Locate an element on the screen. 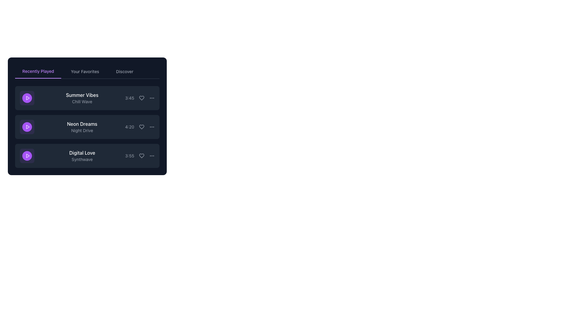  the triangular play icon button with a white outline against a purple background, located in the 'Recently Played' section is located at coordinates (27, 126).